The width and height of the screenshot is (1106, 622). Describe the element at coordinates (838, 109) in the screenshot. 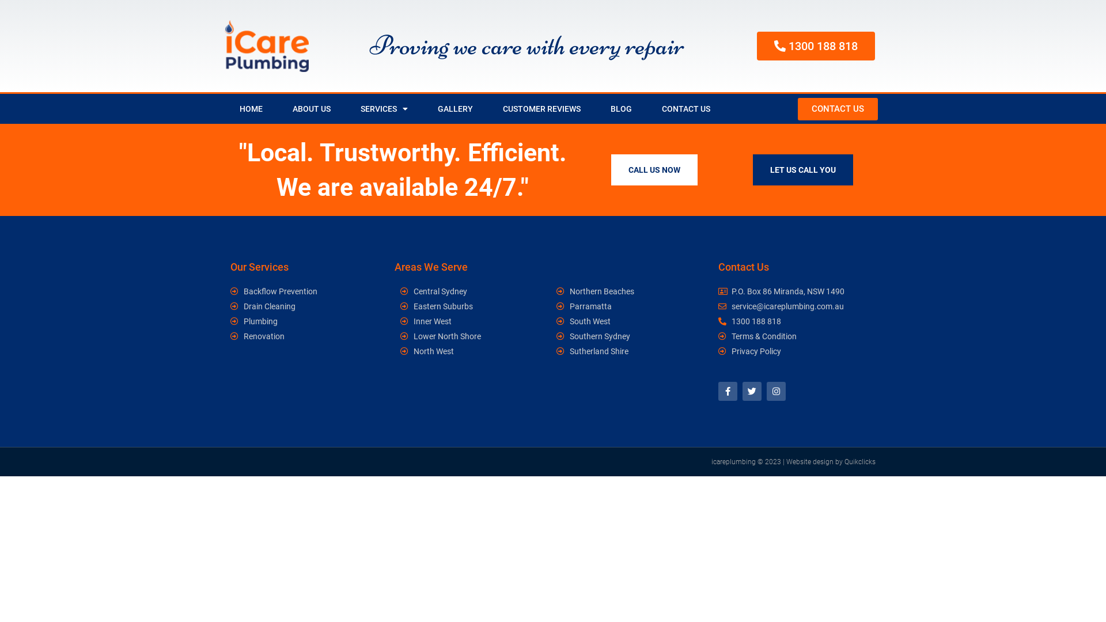

I see `'CONTACT US'` at that location.